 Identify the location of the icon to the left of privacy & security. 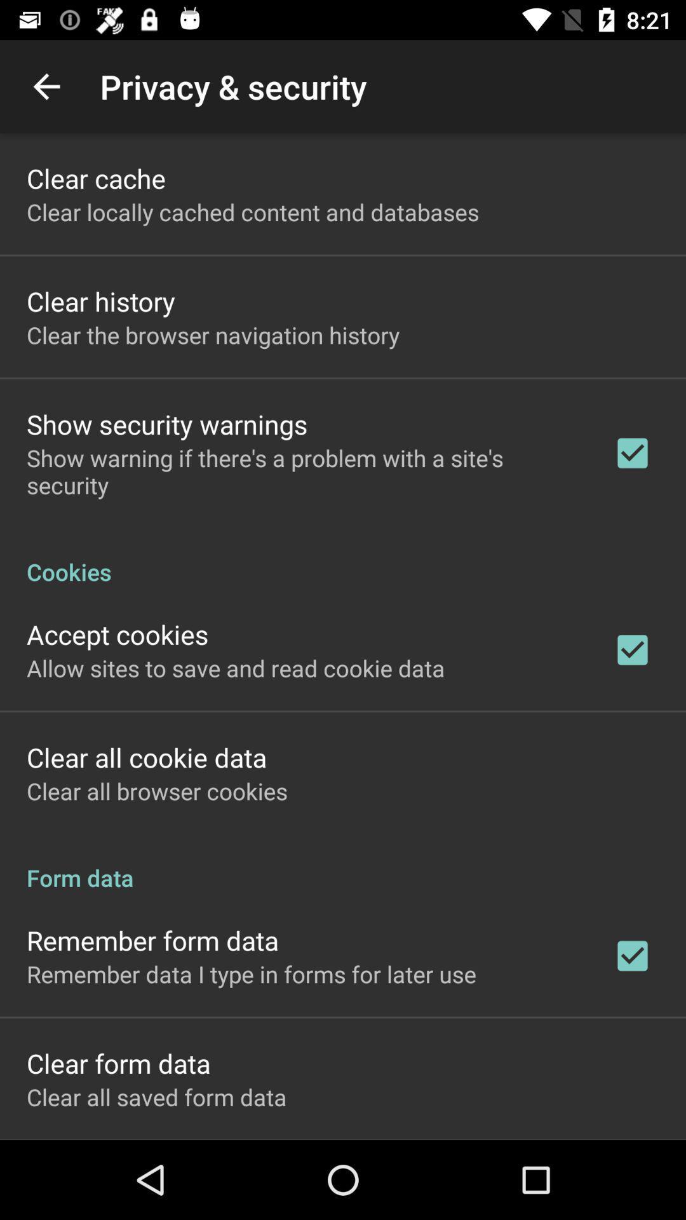
(46, 86).